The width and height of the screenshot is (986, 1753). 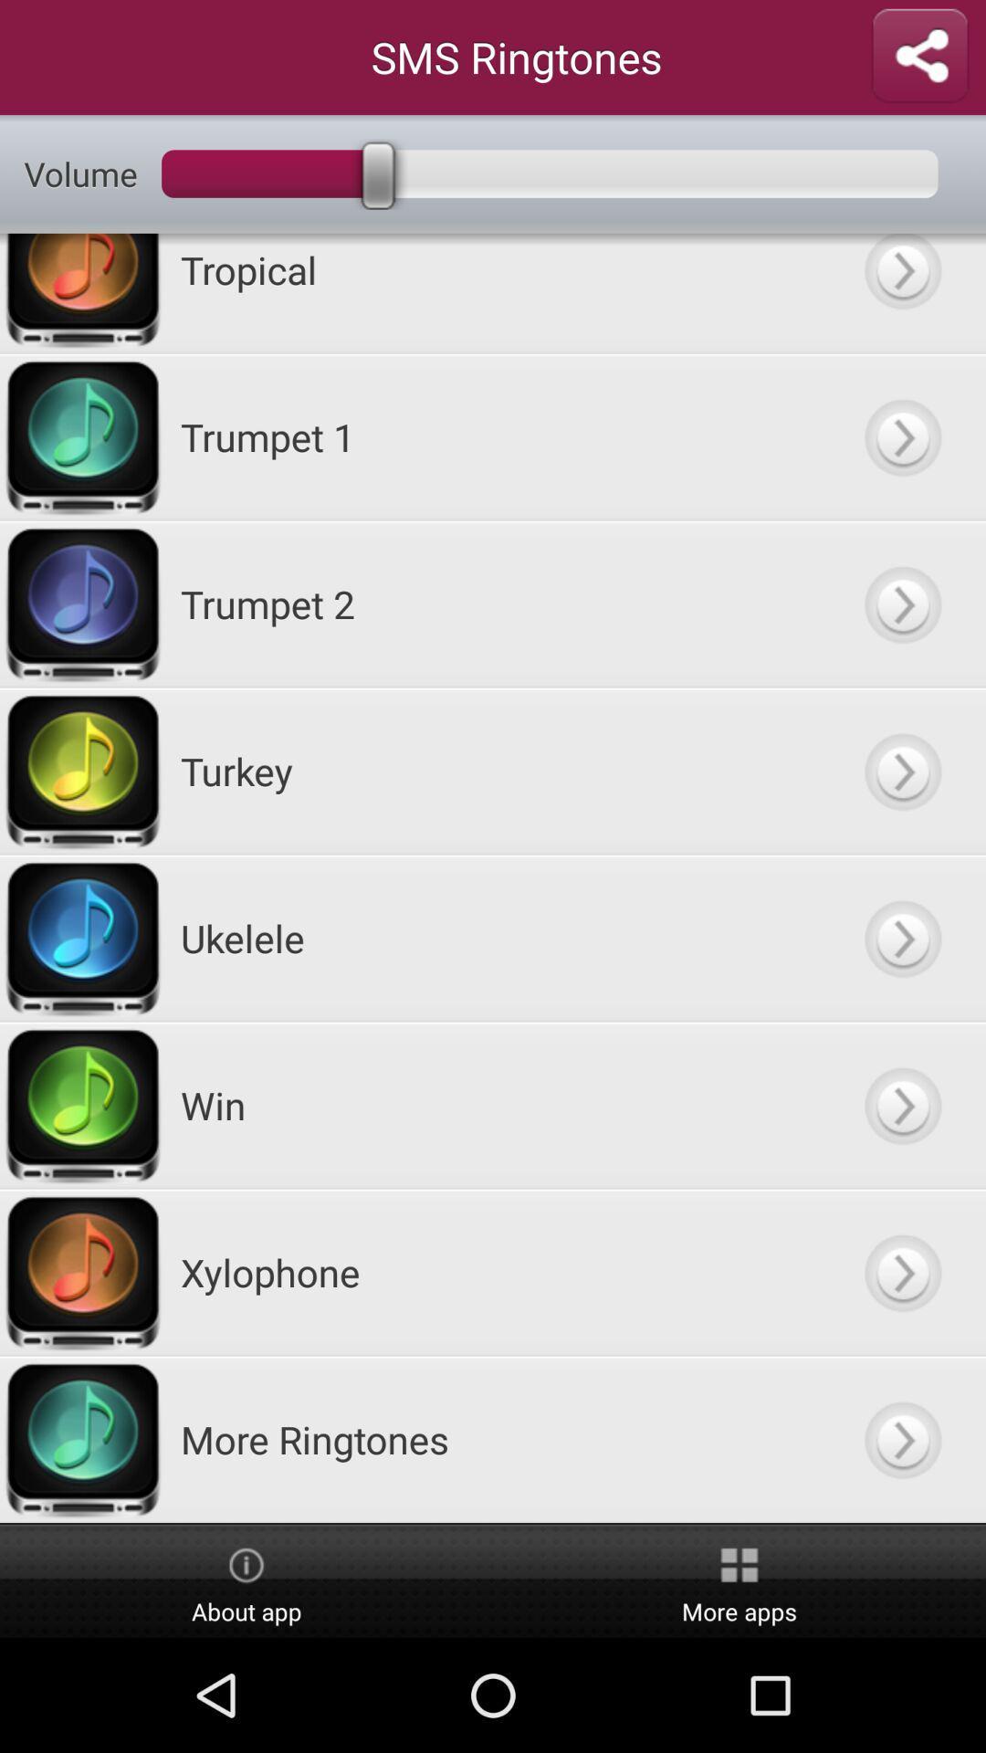 I want to click on go next option, so click(x=901, y=938).